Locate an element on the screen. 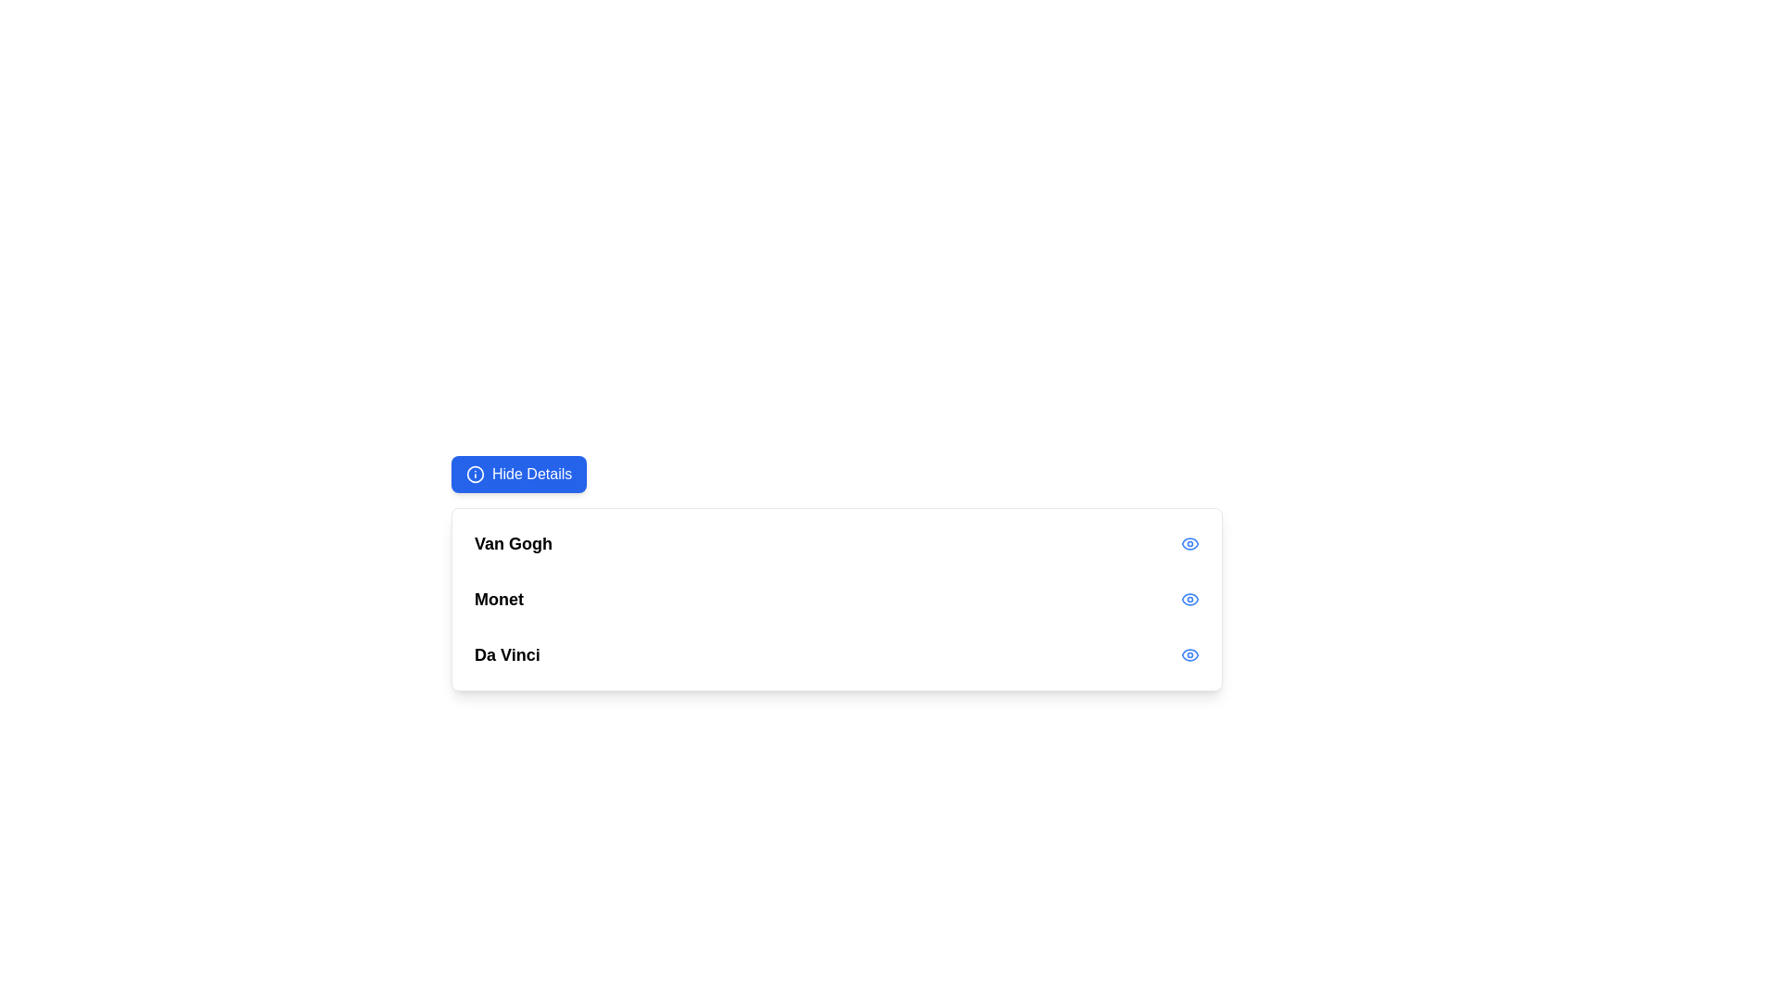 This screenshot has width=1780, height=1001. the third text label in a vertically stacked list, which identifies a name and is directly preceded by 'Van Gogh' and 'Monet' is located at coordinates (507, 653).